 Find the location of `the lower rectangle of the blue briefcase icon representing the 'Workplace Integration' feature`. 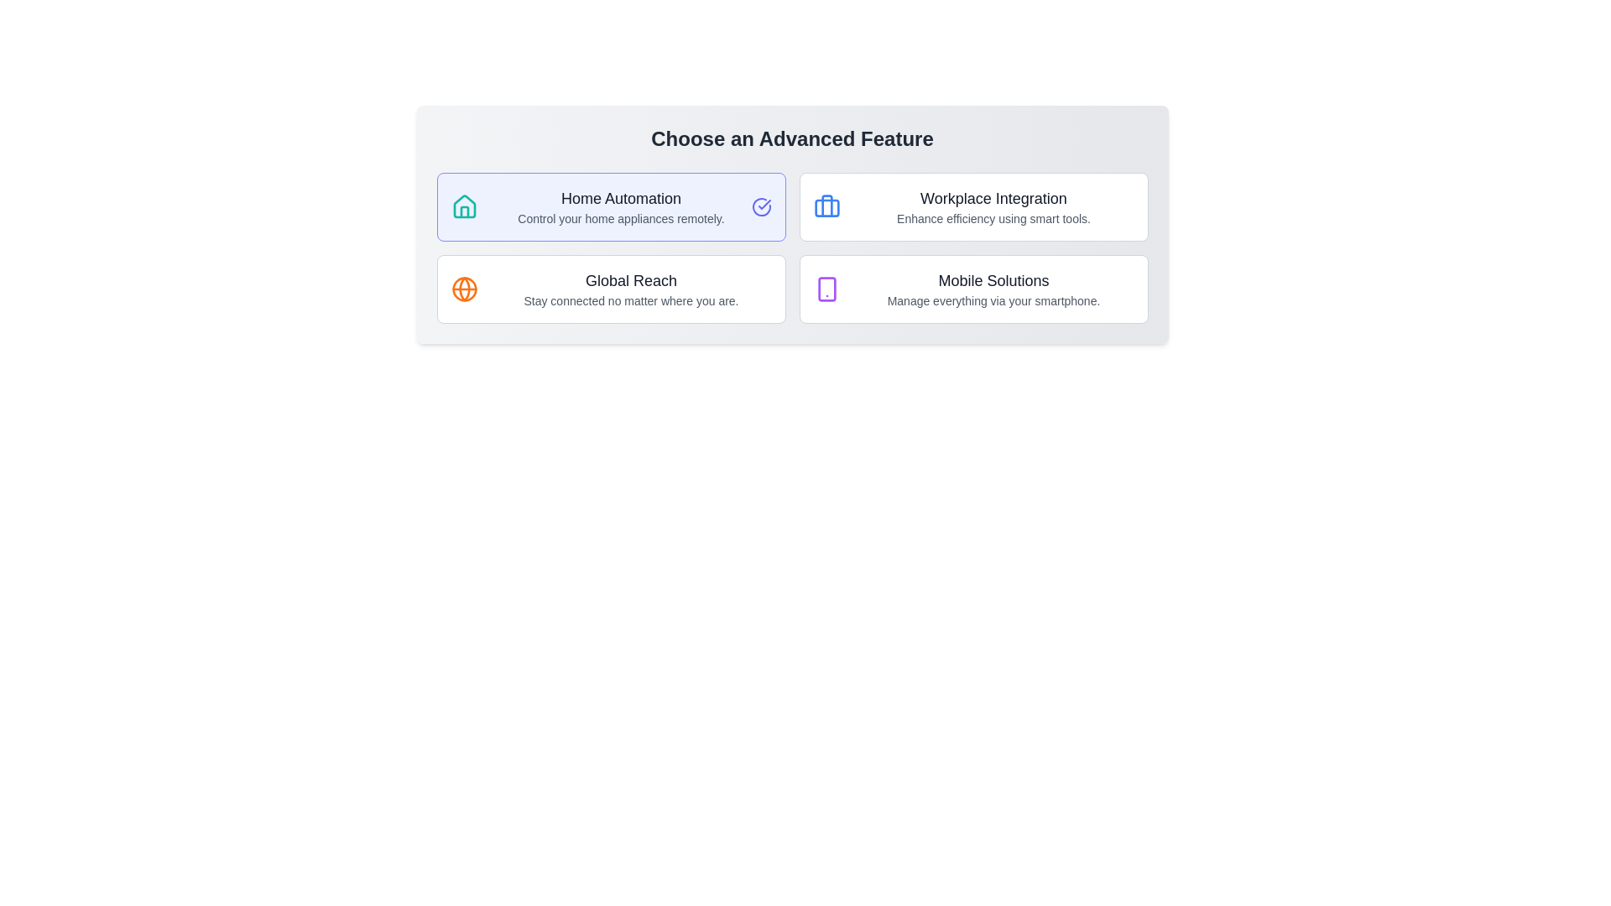

the lower rectangle of the blue briefcase icon representing the 'Workplace Integration' feature is located at coordinates (826, 207).